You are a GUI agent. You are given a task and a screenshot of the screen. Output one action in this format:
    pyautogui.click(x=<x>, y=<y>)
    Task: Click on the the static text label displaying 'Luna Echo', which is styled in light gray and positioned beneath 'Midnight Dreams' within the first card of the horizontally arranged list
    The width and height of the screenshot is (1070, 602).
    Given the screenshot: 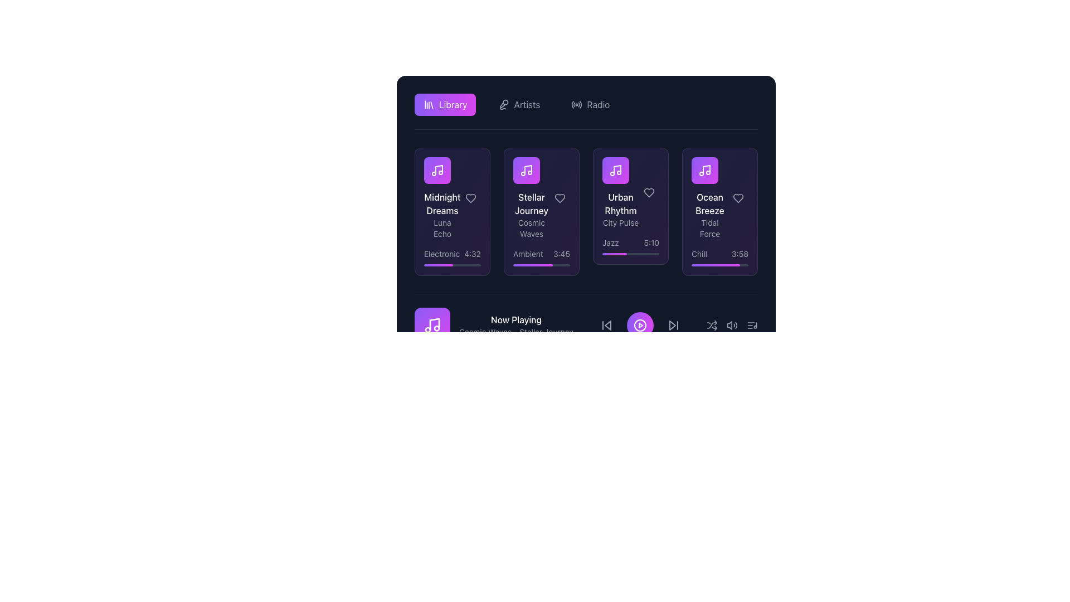 What is the action you would take?
    pyautogui.click(x=441, y=227)
    